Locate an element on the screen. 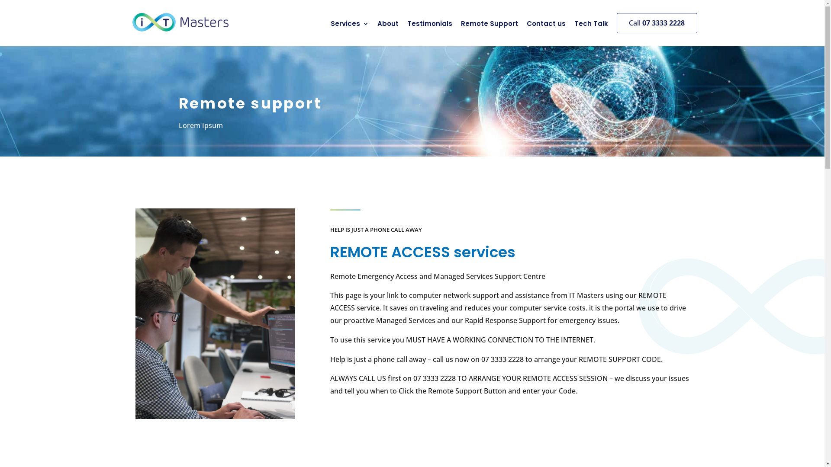 Image resolution: width=831 pixels, height=467 pixels. 'Services' is located at coordinates (347, 25).